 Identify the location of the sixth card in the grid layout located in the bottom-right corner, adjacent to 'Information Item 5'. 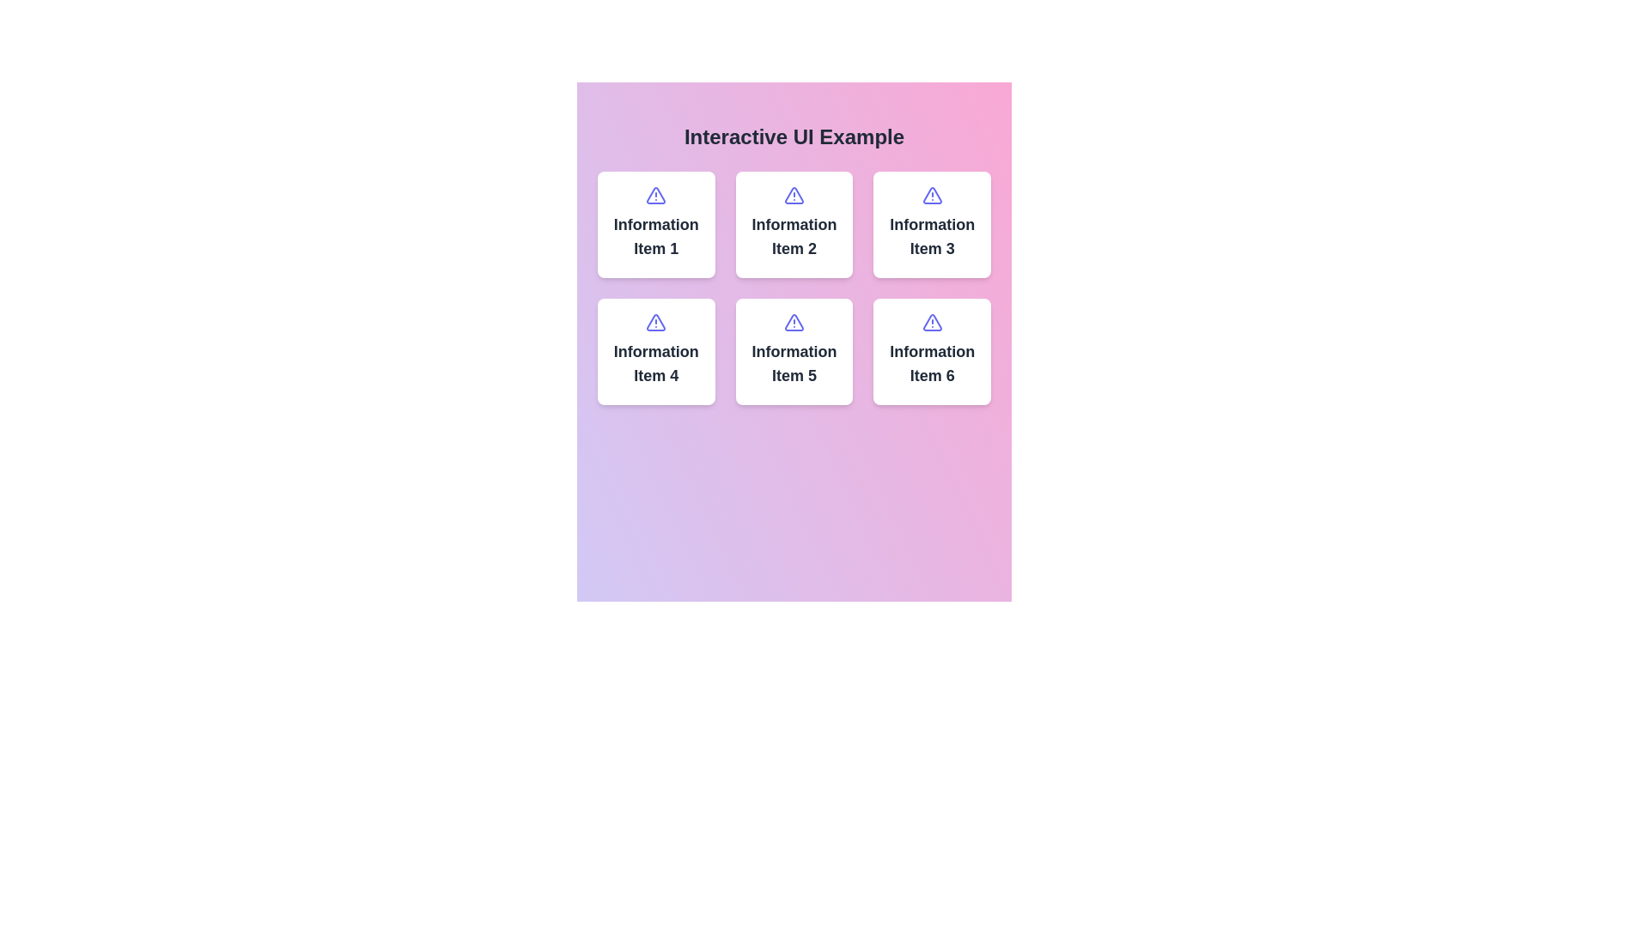
(931, 350).